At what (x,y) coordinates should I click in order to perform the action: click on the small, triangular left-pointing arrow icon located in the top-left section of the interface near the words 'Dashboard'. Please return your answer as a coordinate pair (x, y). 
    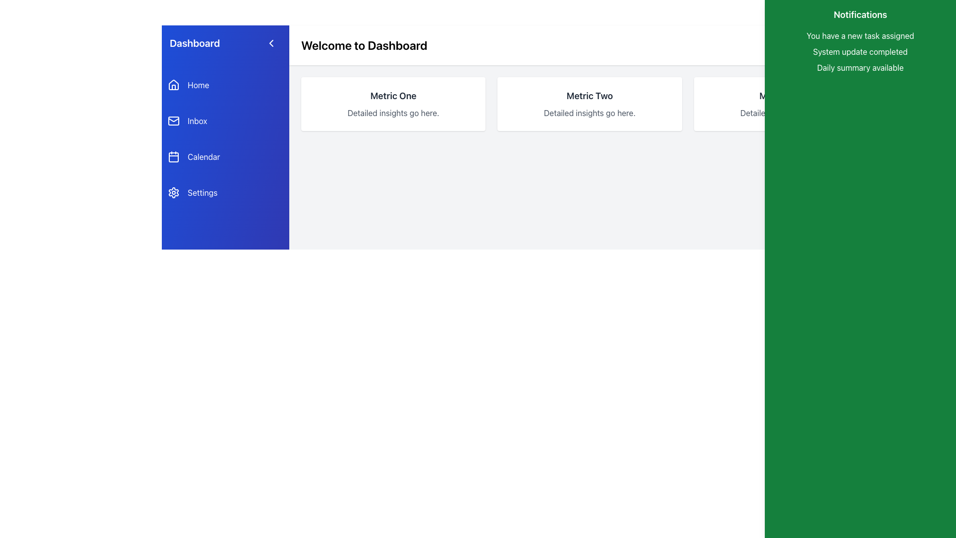
    Looking at the image, I should click on (271, 43).